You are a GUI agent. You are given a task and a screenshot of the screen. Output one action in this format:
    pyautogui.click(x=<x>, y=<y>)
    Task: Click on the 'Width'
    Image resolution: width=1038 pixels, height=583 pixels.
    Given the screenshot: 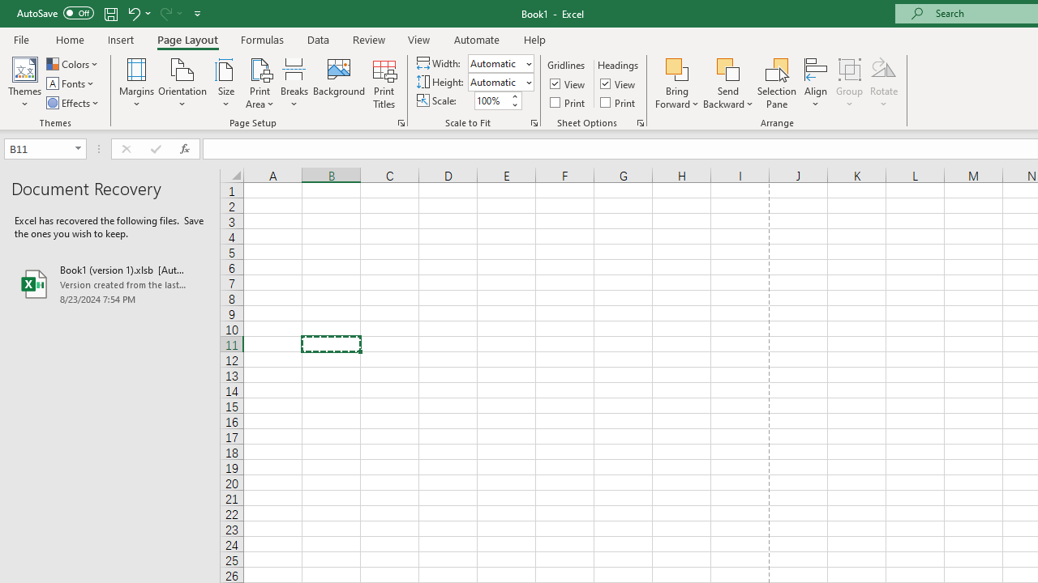 What is the action you would take?
    pyautogui.click(x=500, y=62)
    